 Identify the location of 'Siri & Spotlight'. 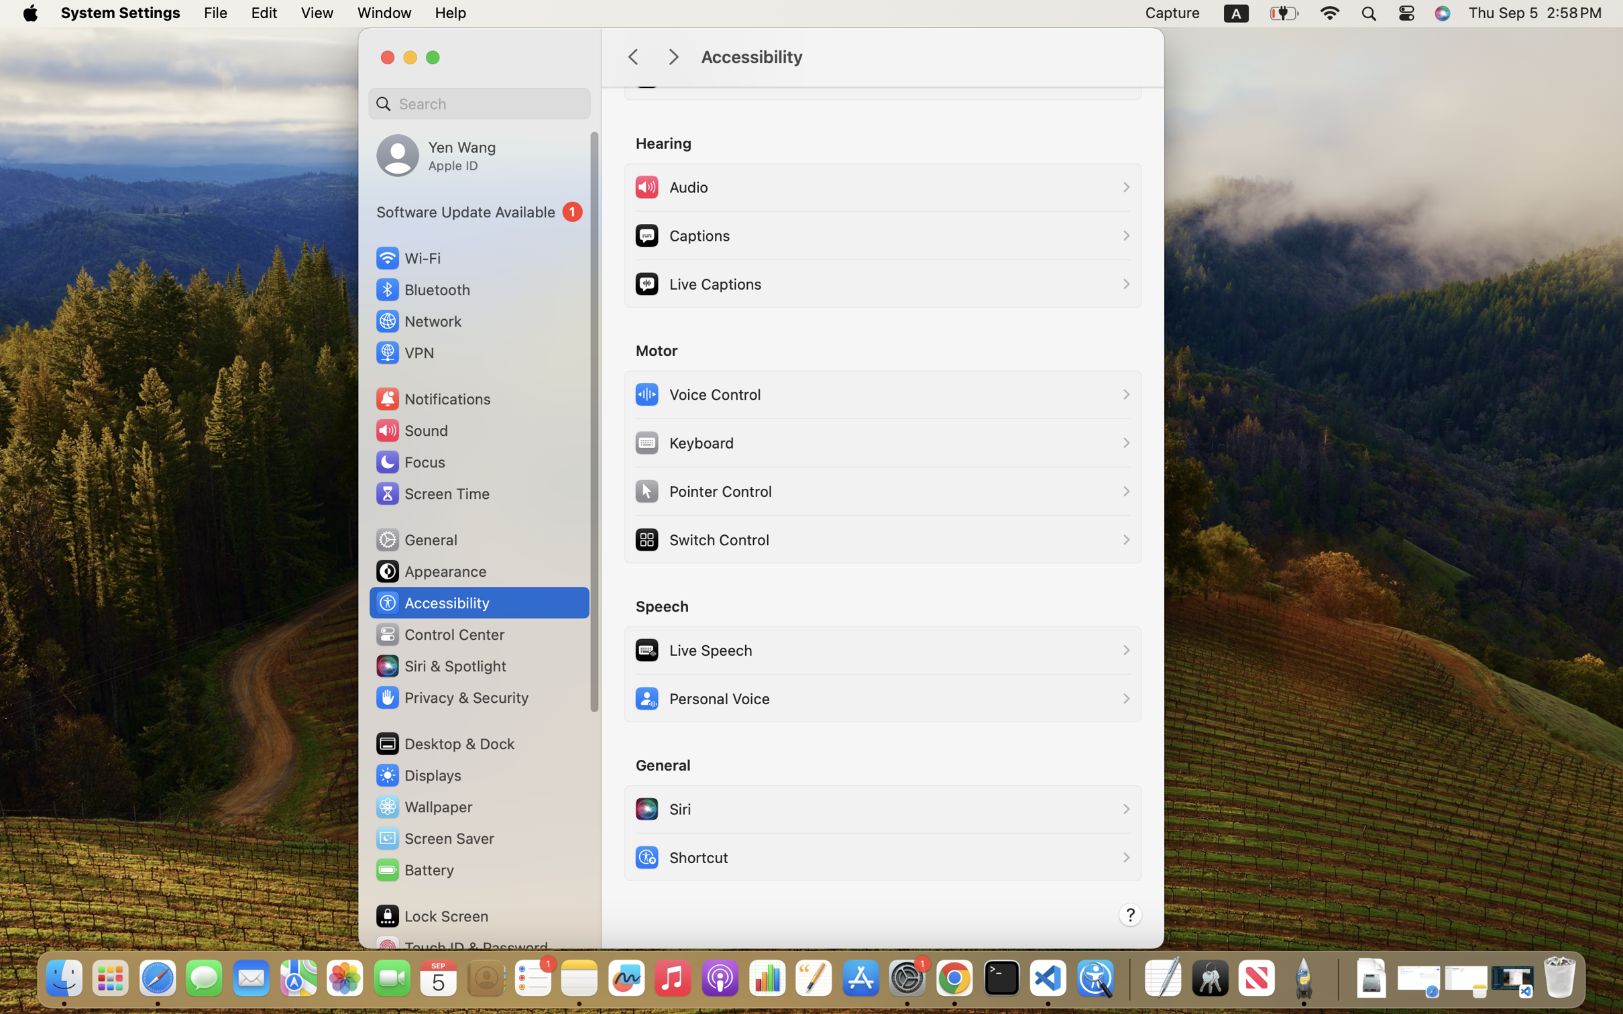
(439, 665).